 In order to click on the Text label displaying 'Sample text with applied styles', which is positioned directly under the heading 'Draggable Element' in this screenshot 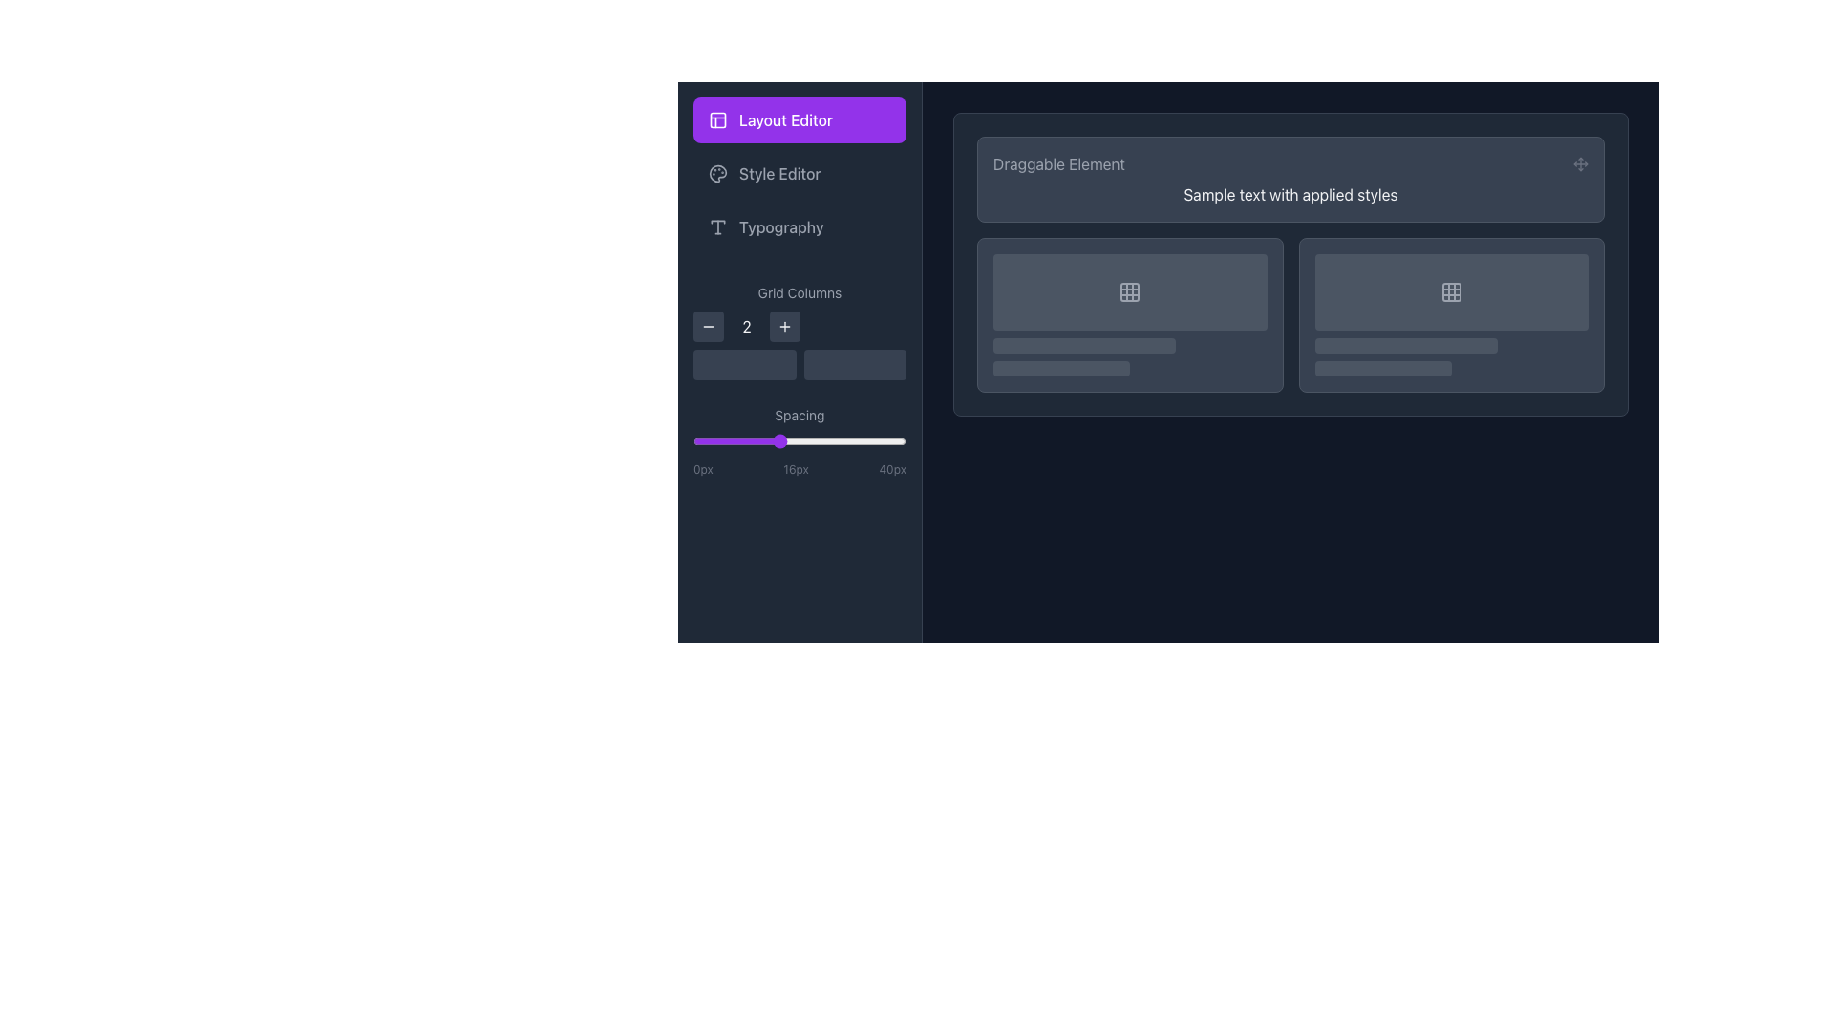, I will do `click(1290, 195)`.